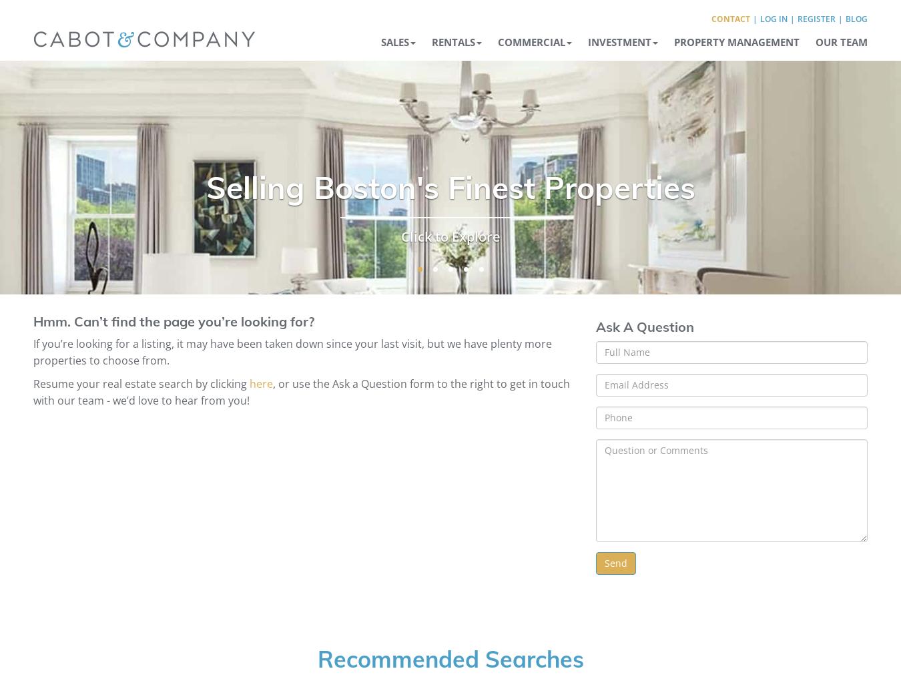  What do you see at coordinates (300, 391) in the screenshot?
I see `', or use the Ask a Question form to the right to get in touch with our team - we’d love to hear from you!'` at bounding box center [300, 391].